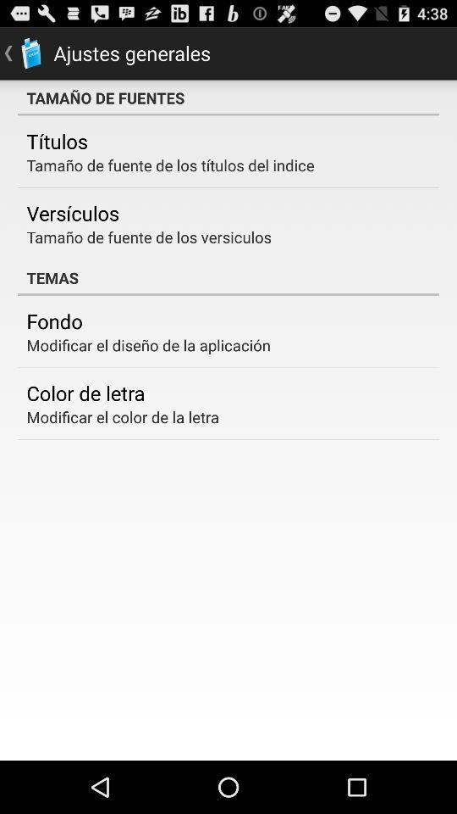 The height and width of the screenshot is (814, 457). I want to click on fondo app, so click(54, 320).